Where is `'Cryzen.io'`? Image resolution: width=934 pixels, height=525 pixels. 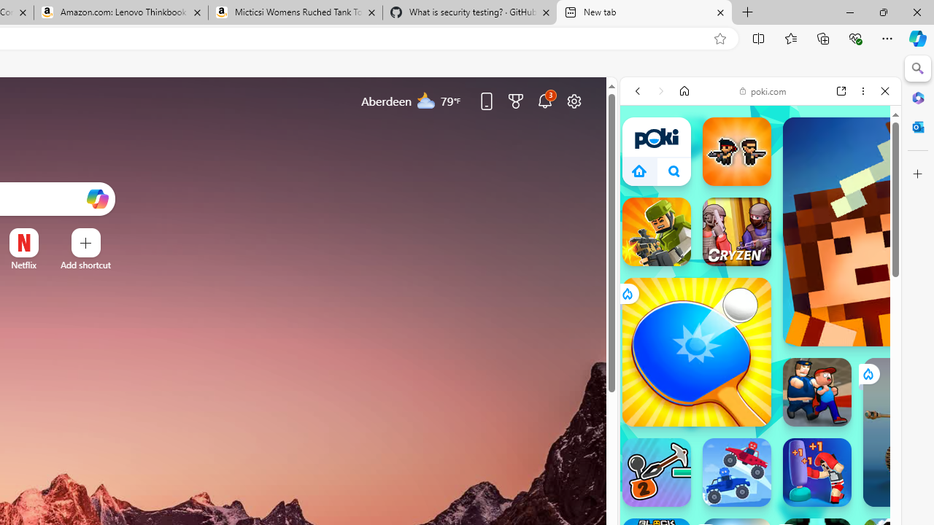
'Cryzen.io' is located at coordinates (736, 230).